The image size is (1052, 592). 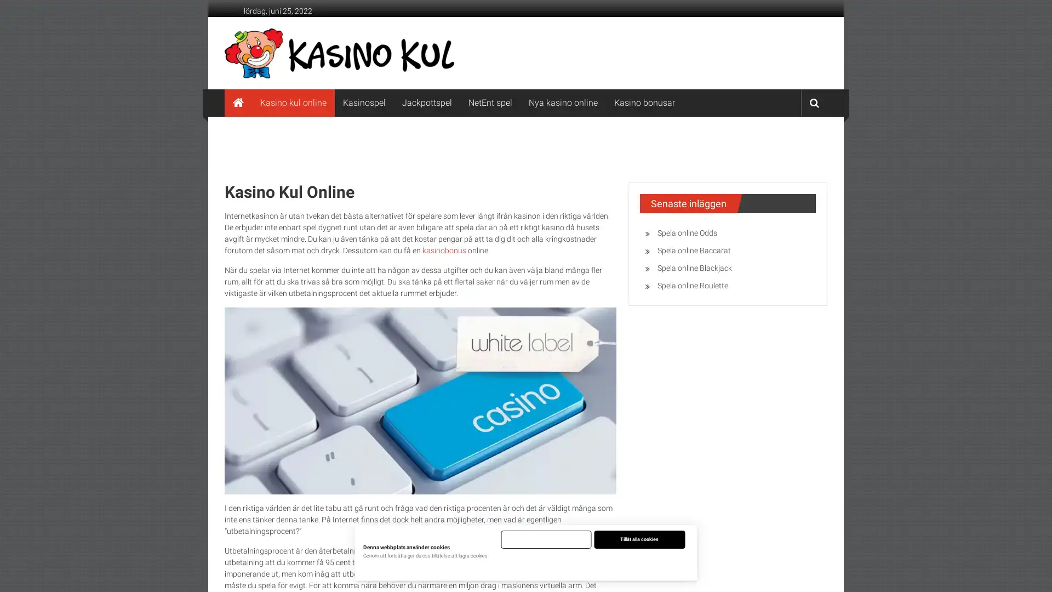 What do you see at coordinates (546, 539) in the screenshot?
I see `Endast nodvandiga` at bounding box center [546, 539].